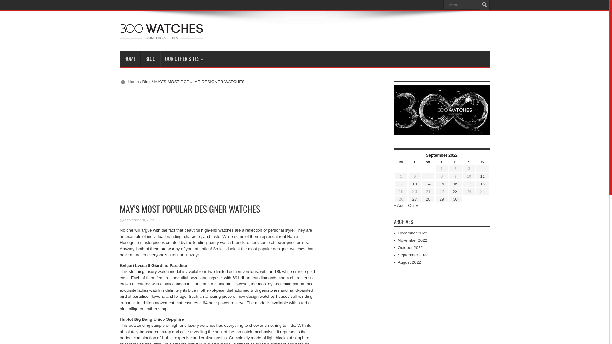  Describe the element at coordinates (439, 184) in the screenshot. I see `'15'` at that location.